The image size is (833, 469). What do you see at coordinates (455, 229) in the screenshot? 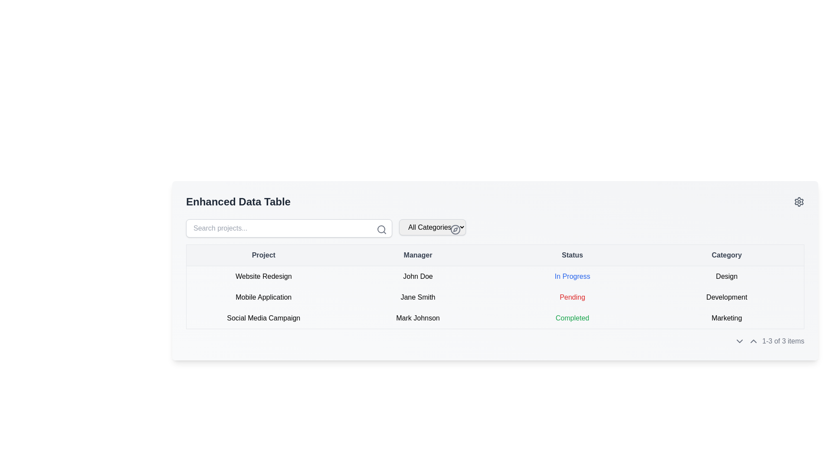
I see `the outermost circular SVG graphic element within the compass icon located in the top-right corner of the UI, embedded in the 'Enhanced Data Table' header area` at bounding box center [455, 229].